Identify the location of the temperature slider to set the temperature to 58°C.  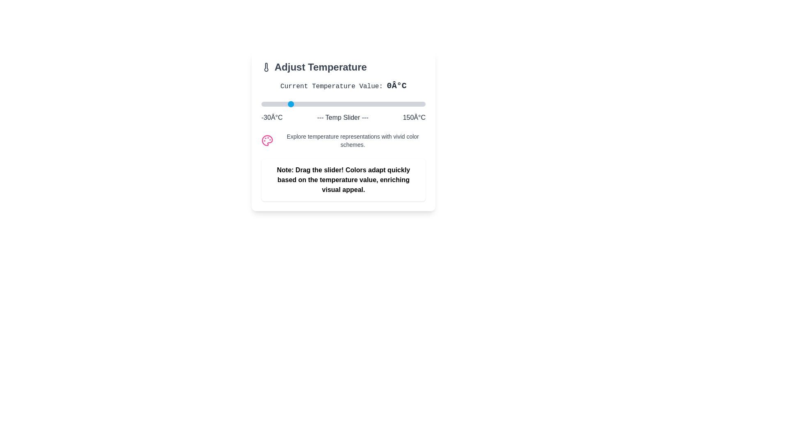
(341, 104).